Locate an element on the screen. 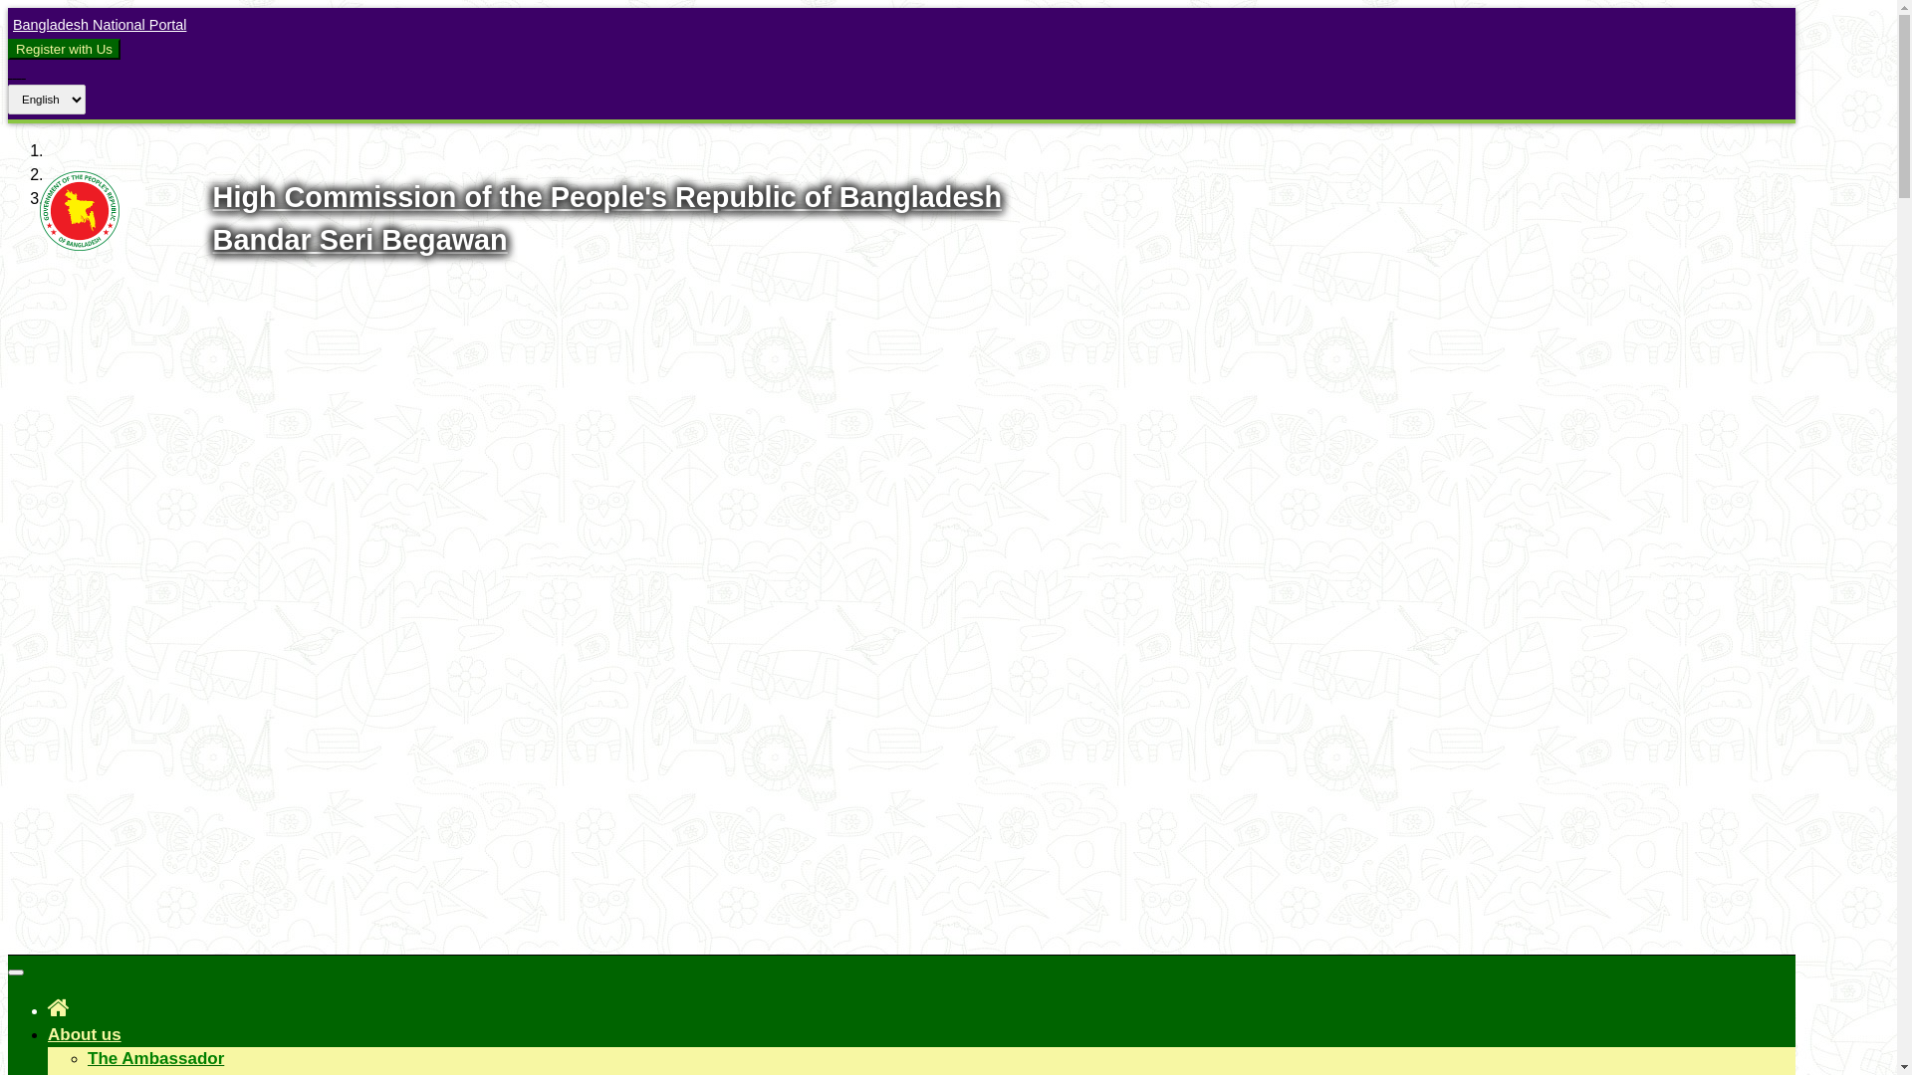  'About us' is located at coordinates (84, 1033).